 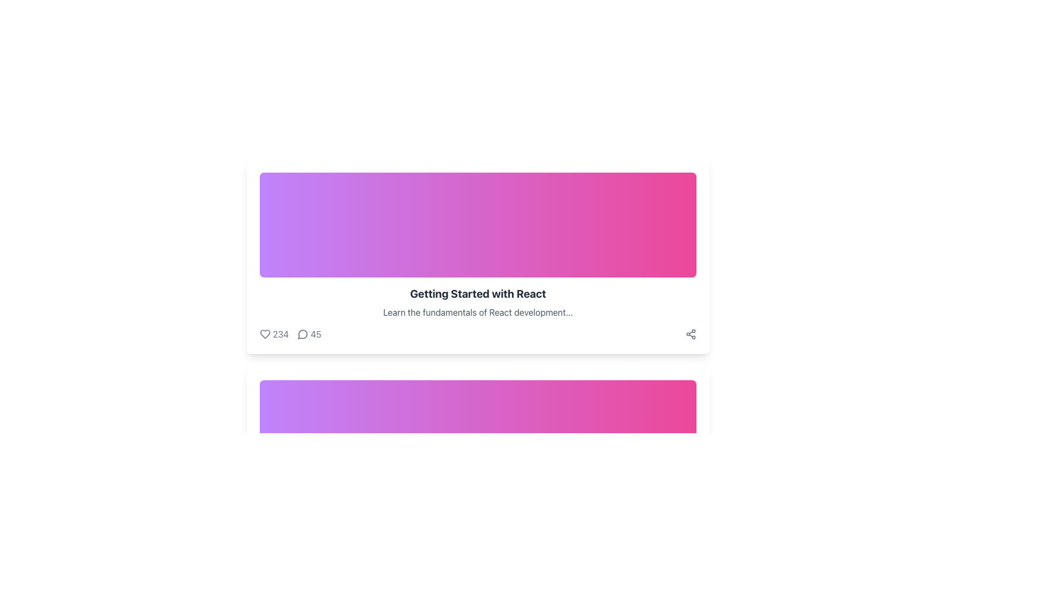 I want to click on the decorative rectangle with a vibrant gradient color scheme located in the upper section of the card titled 'Getting Started with React', so click(x=478, y=225).